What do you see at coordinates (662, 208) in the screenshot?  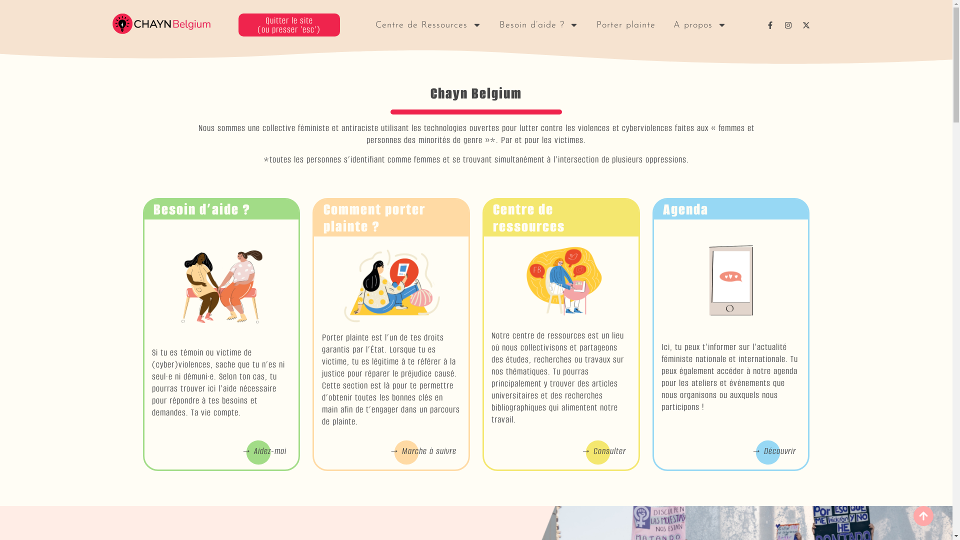 I see `'Agenda'` at bounding box center [662, 208].